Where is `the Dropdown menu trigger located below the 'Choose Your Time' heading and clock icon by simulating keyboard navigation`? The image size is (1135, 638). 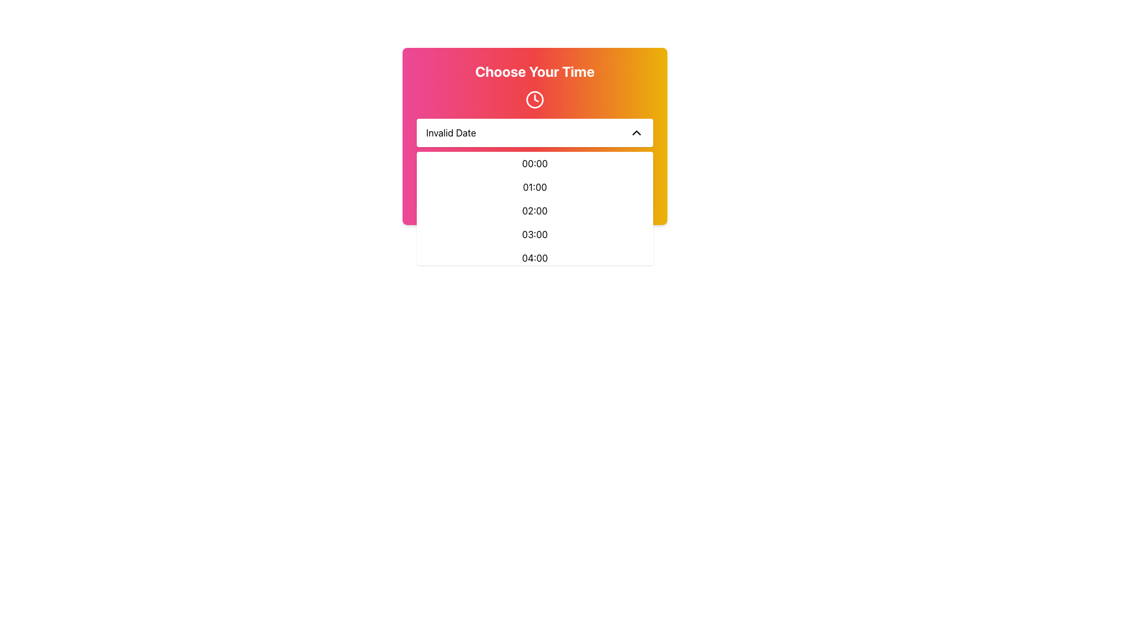 the Dropdown menu trigger located below the 'Choose Your Time' heading and clock icon by simulating keyboard navigation is located at coordinates (534, 132).